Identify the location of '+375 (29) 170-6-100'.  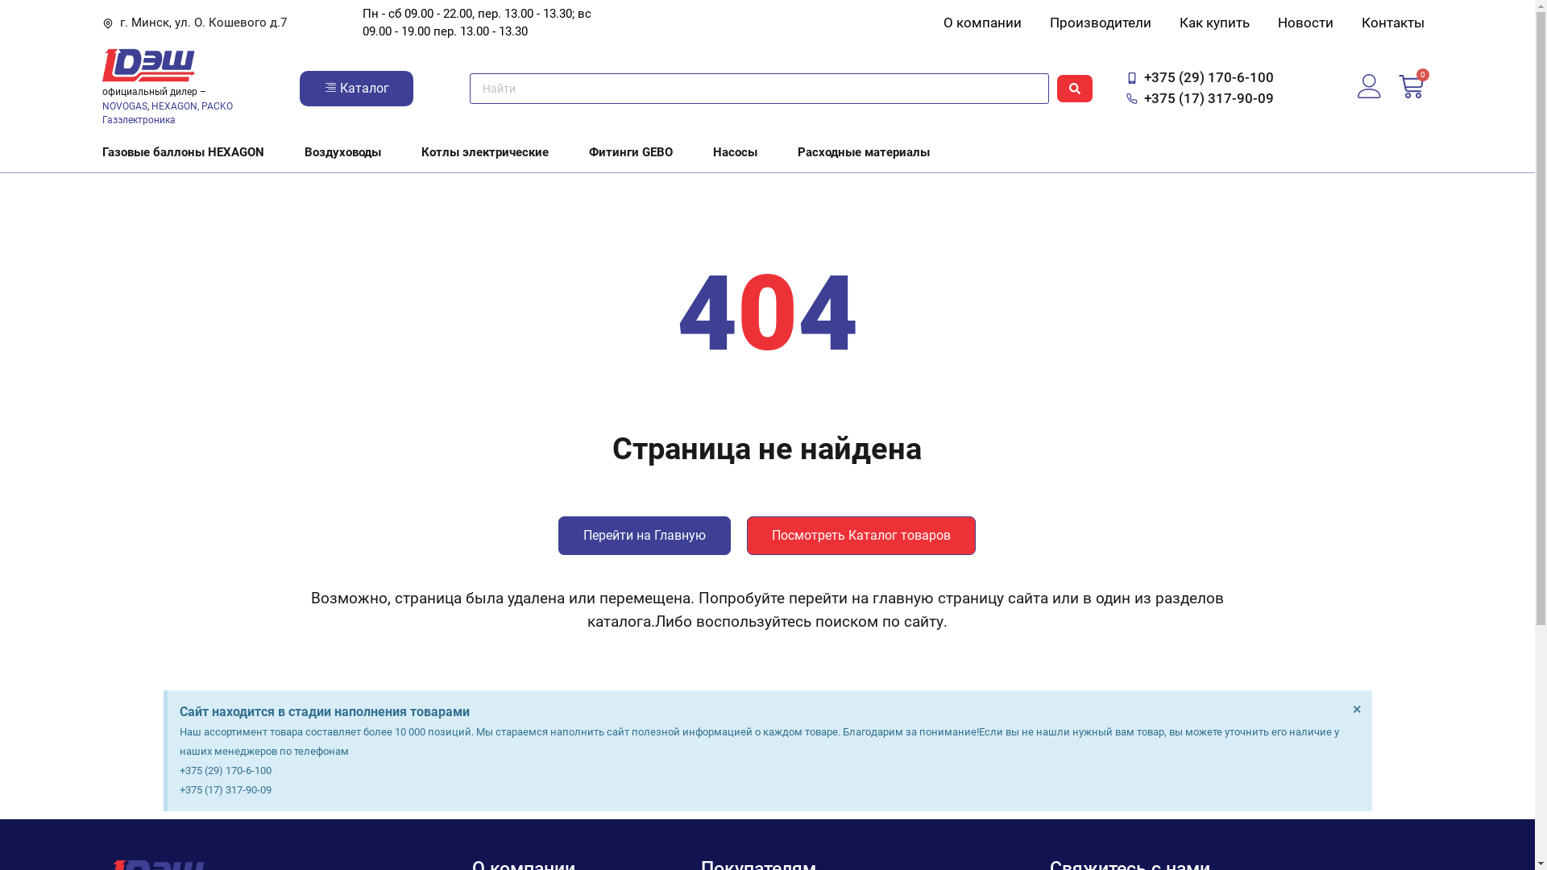
(1200, 77).